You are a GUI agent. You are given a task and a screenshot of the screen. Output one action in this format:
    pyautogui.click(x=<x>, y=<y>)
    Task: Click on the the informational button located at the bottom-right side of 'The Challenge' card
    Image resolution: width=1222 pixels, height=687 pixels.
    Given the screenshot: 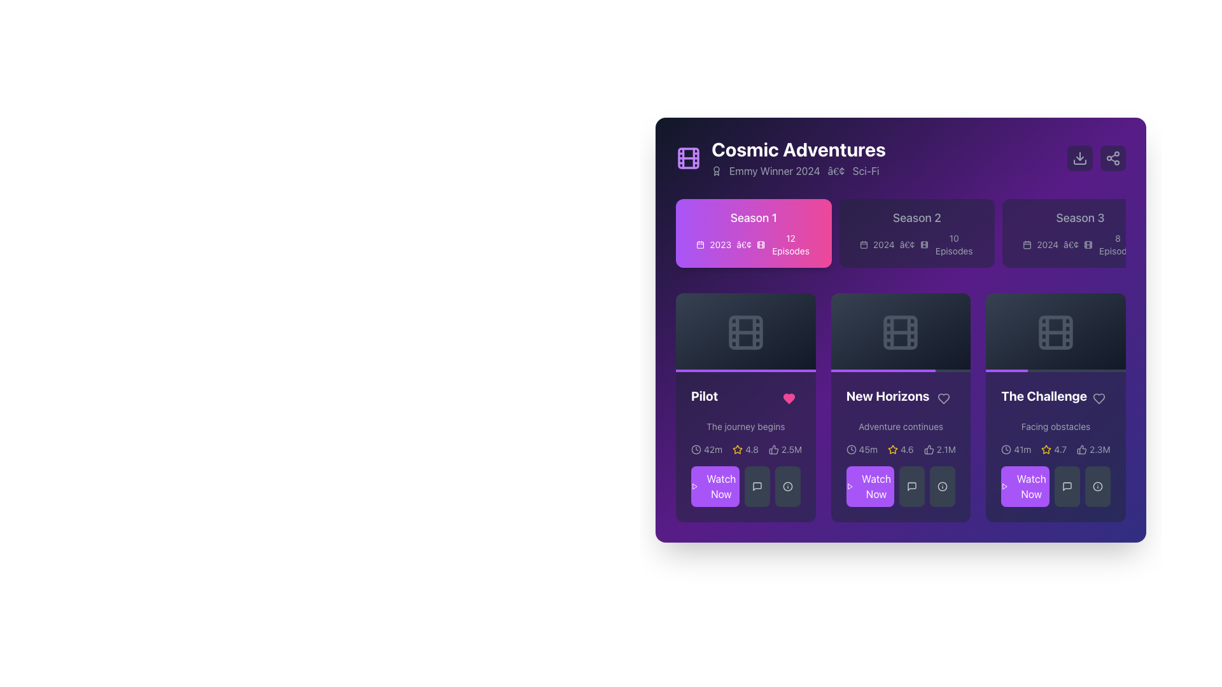 What is the action you would take?
    pyautogui.click(x=1097, y=485)
    